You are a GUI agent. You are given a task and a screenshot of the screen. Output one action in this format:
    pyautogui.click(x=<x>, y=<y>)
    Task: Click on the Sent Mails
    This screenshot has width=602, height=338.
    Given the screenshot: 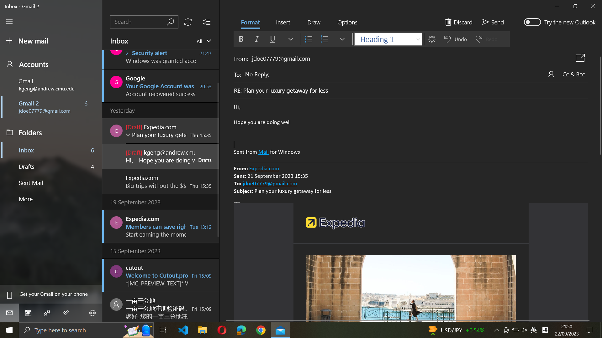 What is the action you would take?
    pyautogui.click(x=51, y=183)
    